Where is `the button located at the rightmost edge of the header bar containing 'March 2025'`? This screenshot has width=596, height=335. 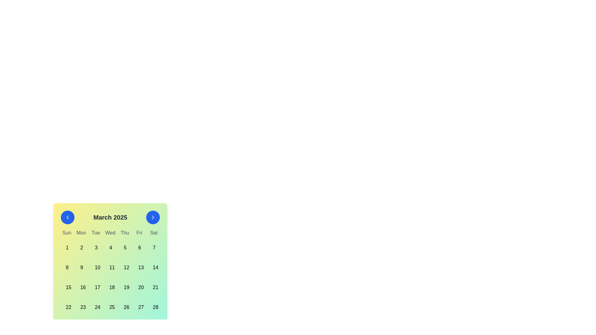 the button located at the rightmost edge of the header bar containing 'March 2025' is located at coordinates (153, 217).